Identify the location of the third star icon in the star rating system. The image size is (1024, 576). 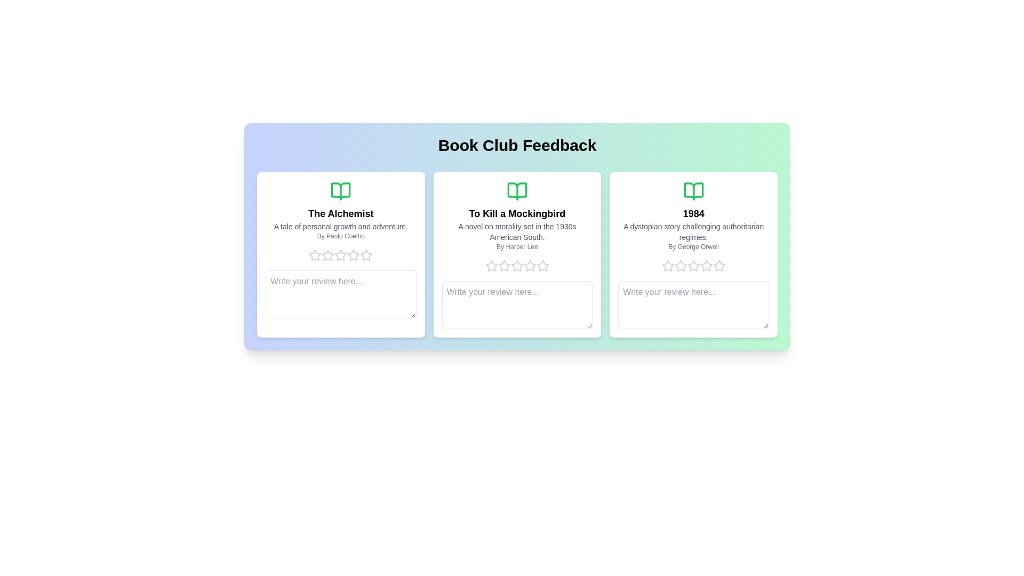
(680, 265).